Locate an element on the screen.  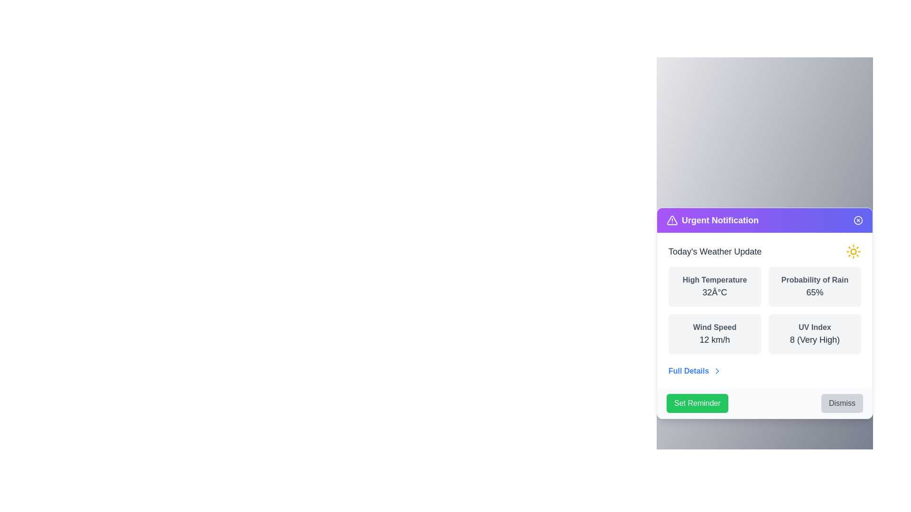
the sun icon, which is yellow and located next to the header 'Today's Weather Update' on the right-hand side is located at coordinates (854, 251).